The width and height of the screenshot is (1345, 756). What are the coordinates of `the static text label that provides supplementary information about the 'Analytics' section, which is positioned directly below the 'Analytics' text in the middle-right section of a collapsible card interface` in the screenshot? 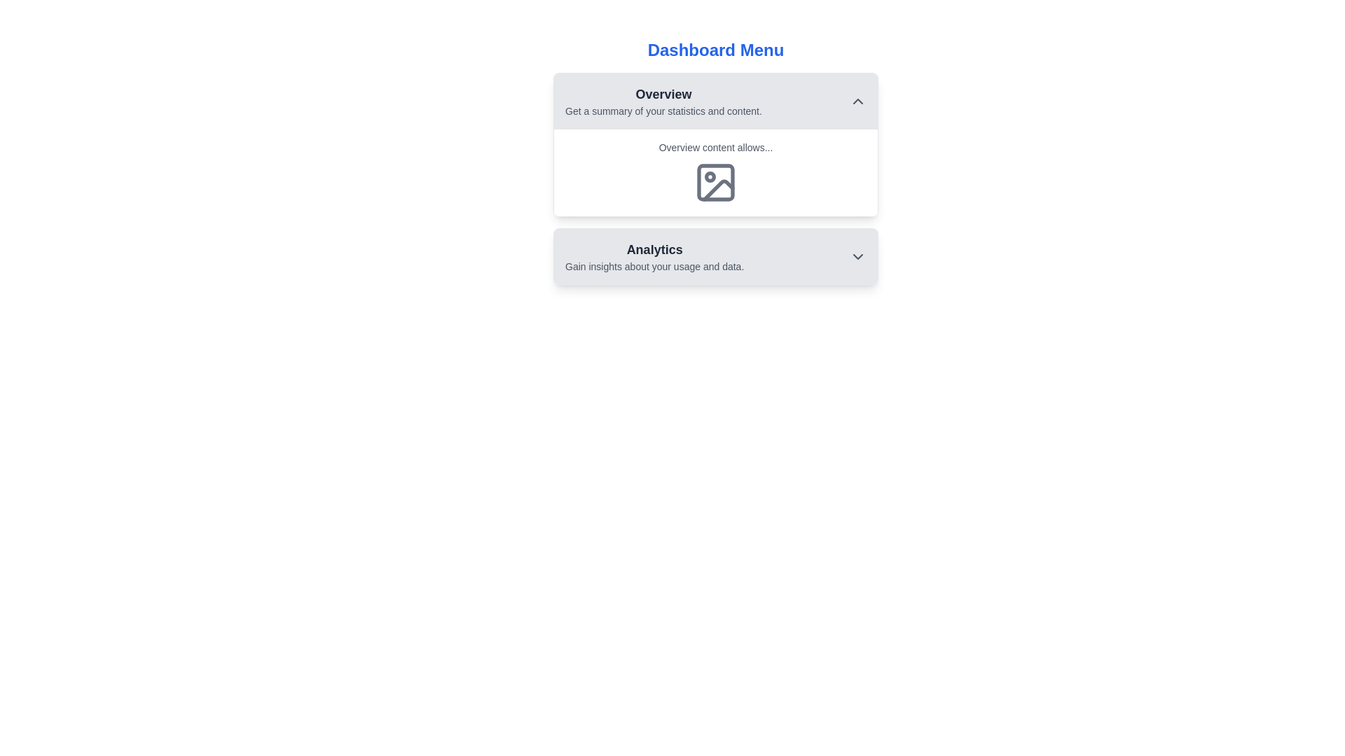 It's located at (654, 267).